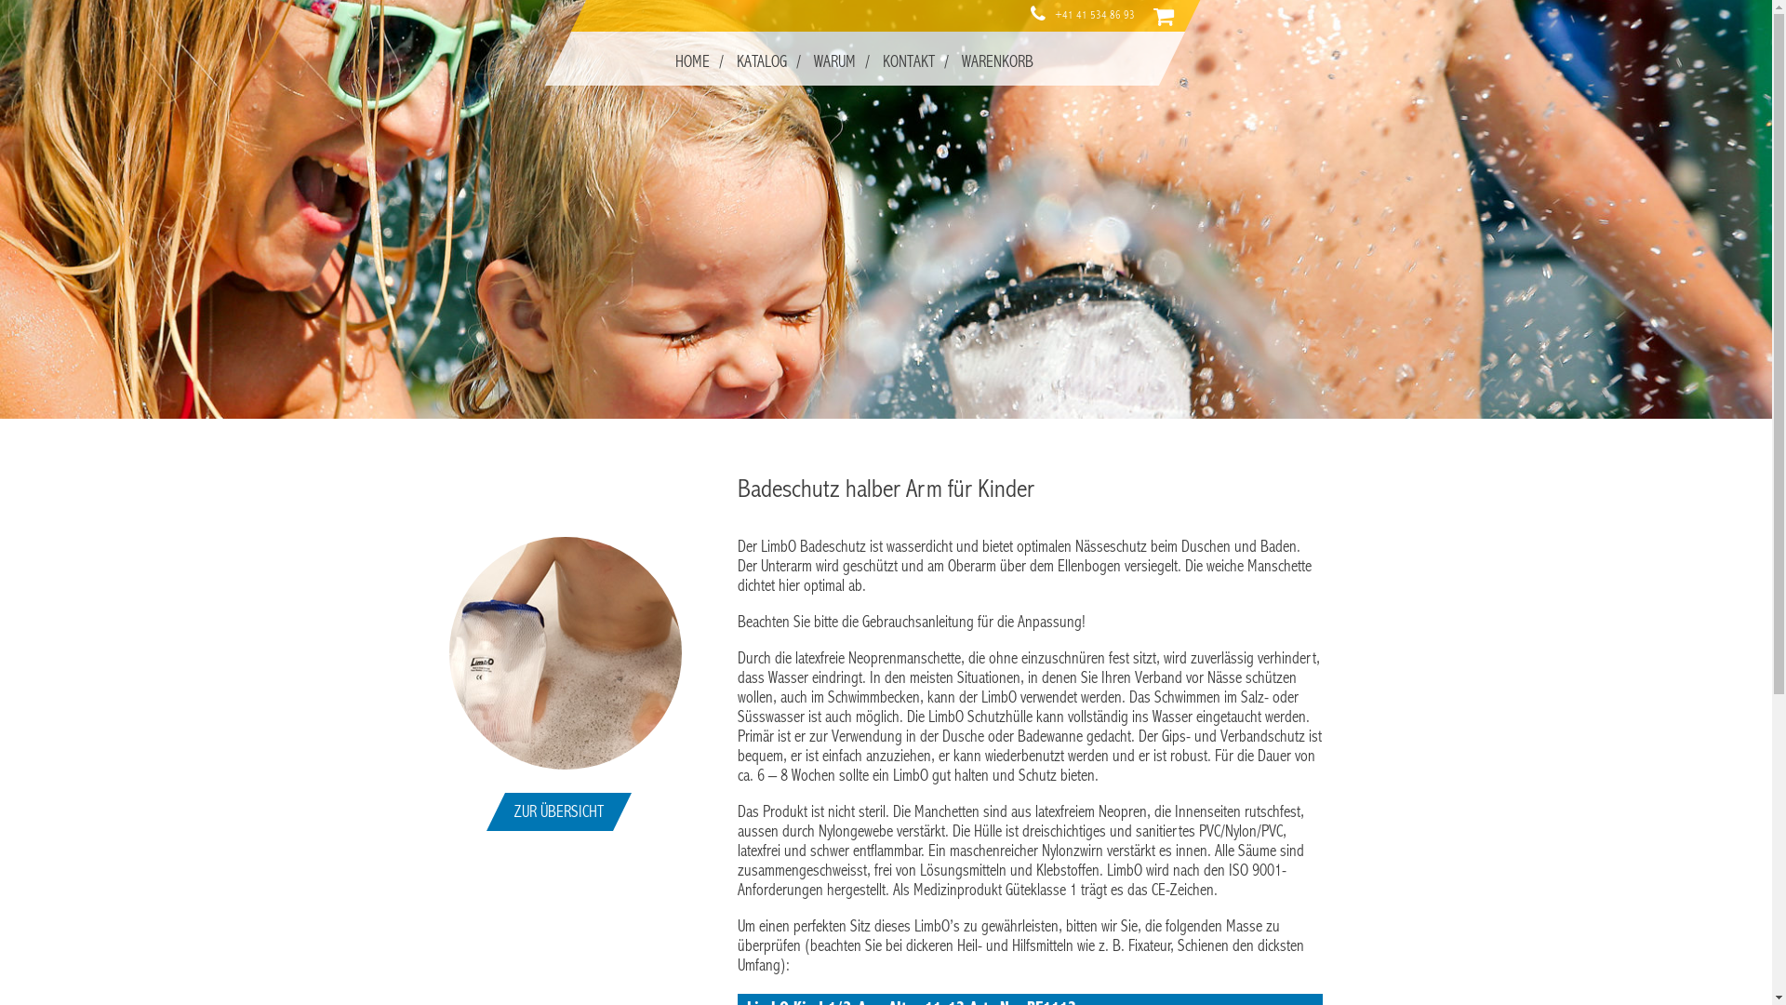 This screenshot has width=1786, height=1005. Describe the element at coordinates (907, 60) in the screenshot. I see `'KONTAKT'` at that location.